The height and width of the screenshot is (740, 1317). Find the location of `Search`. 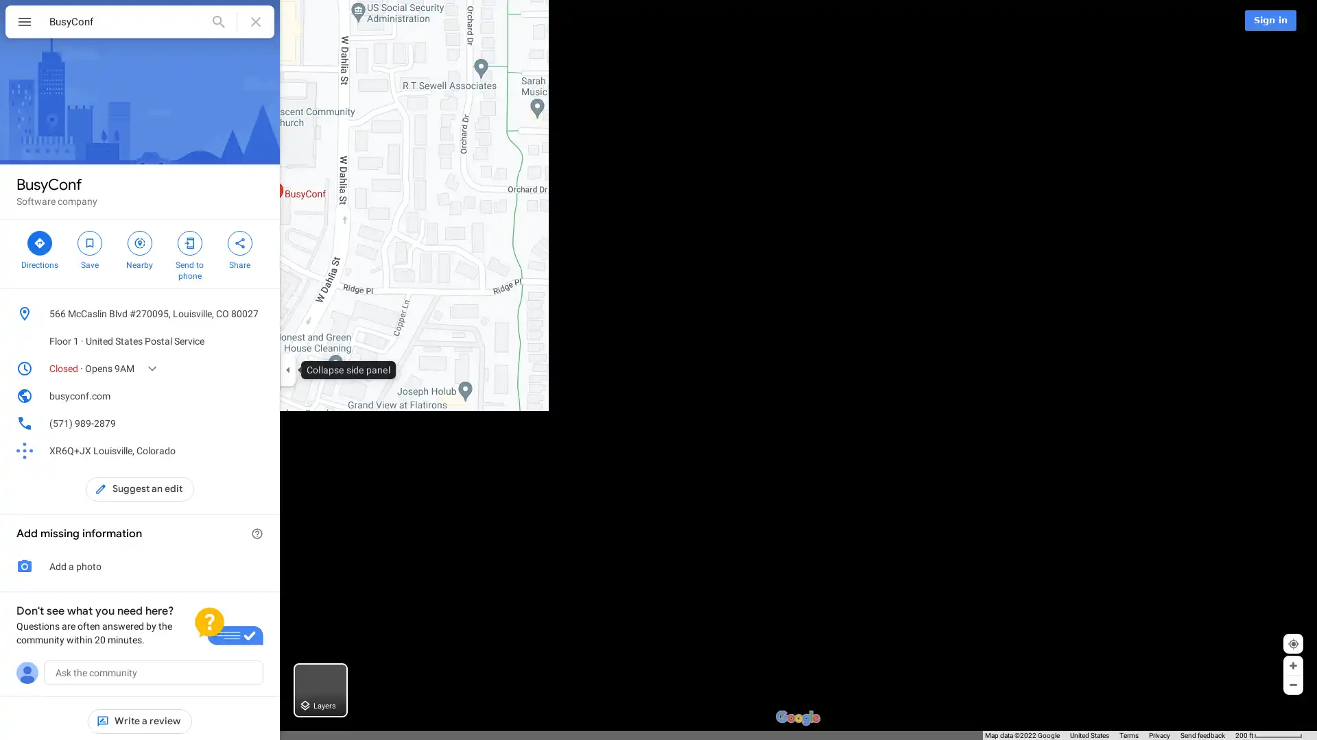

Search is located at coordinates (217, 21).